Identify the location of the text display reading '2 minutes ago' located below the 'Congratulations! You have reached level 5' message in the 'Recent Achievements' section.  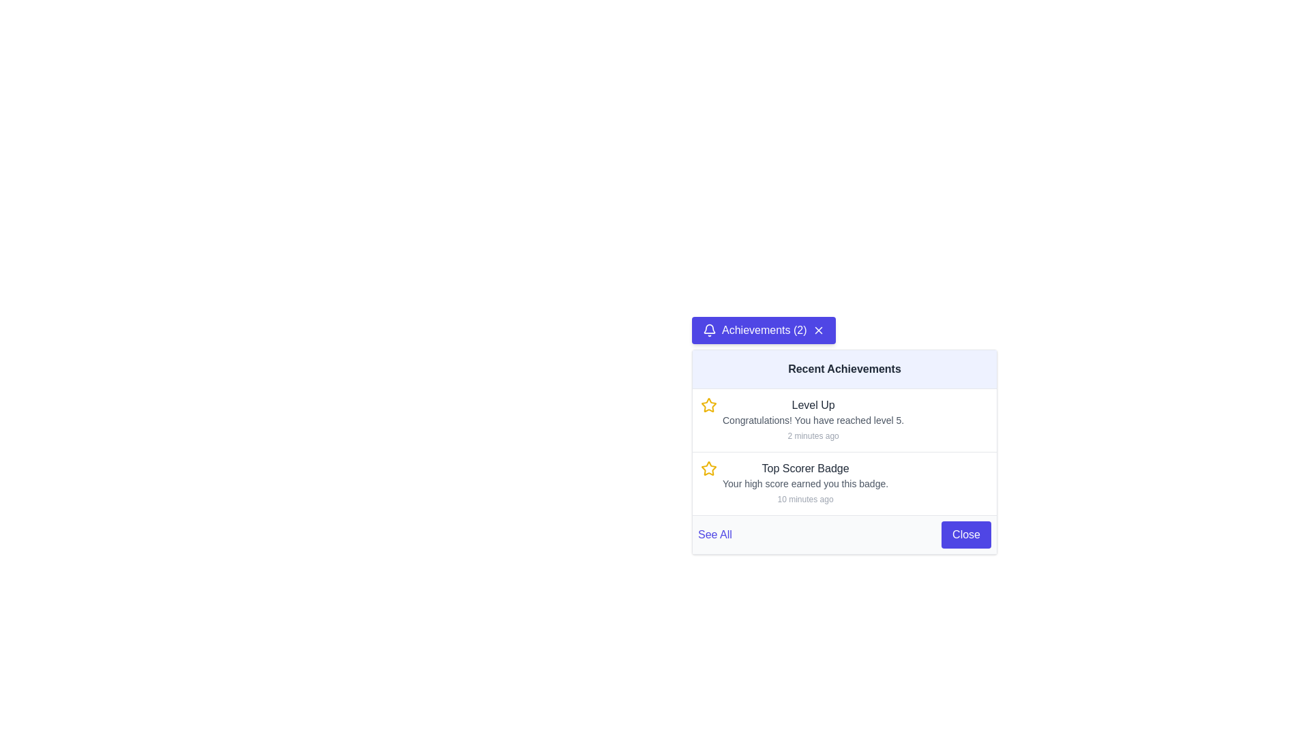
(813, 436).